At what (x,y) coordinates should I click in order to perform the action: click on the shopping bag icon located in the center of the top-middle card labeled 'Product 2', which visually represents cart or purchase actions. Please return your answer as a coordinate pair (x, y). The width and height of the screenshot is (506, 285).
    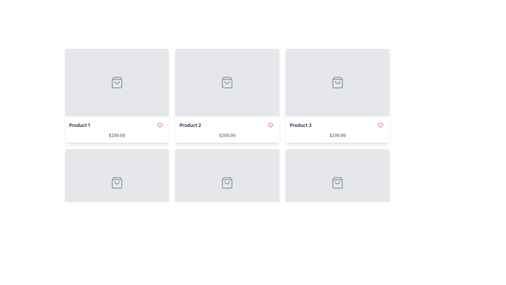
    Looking at the image, I should click on (227, 82).